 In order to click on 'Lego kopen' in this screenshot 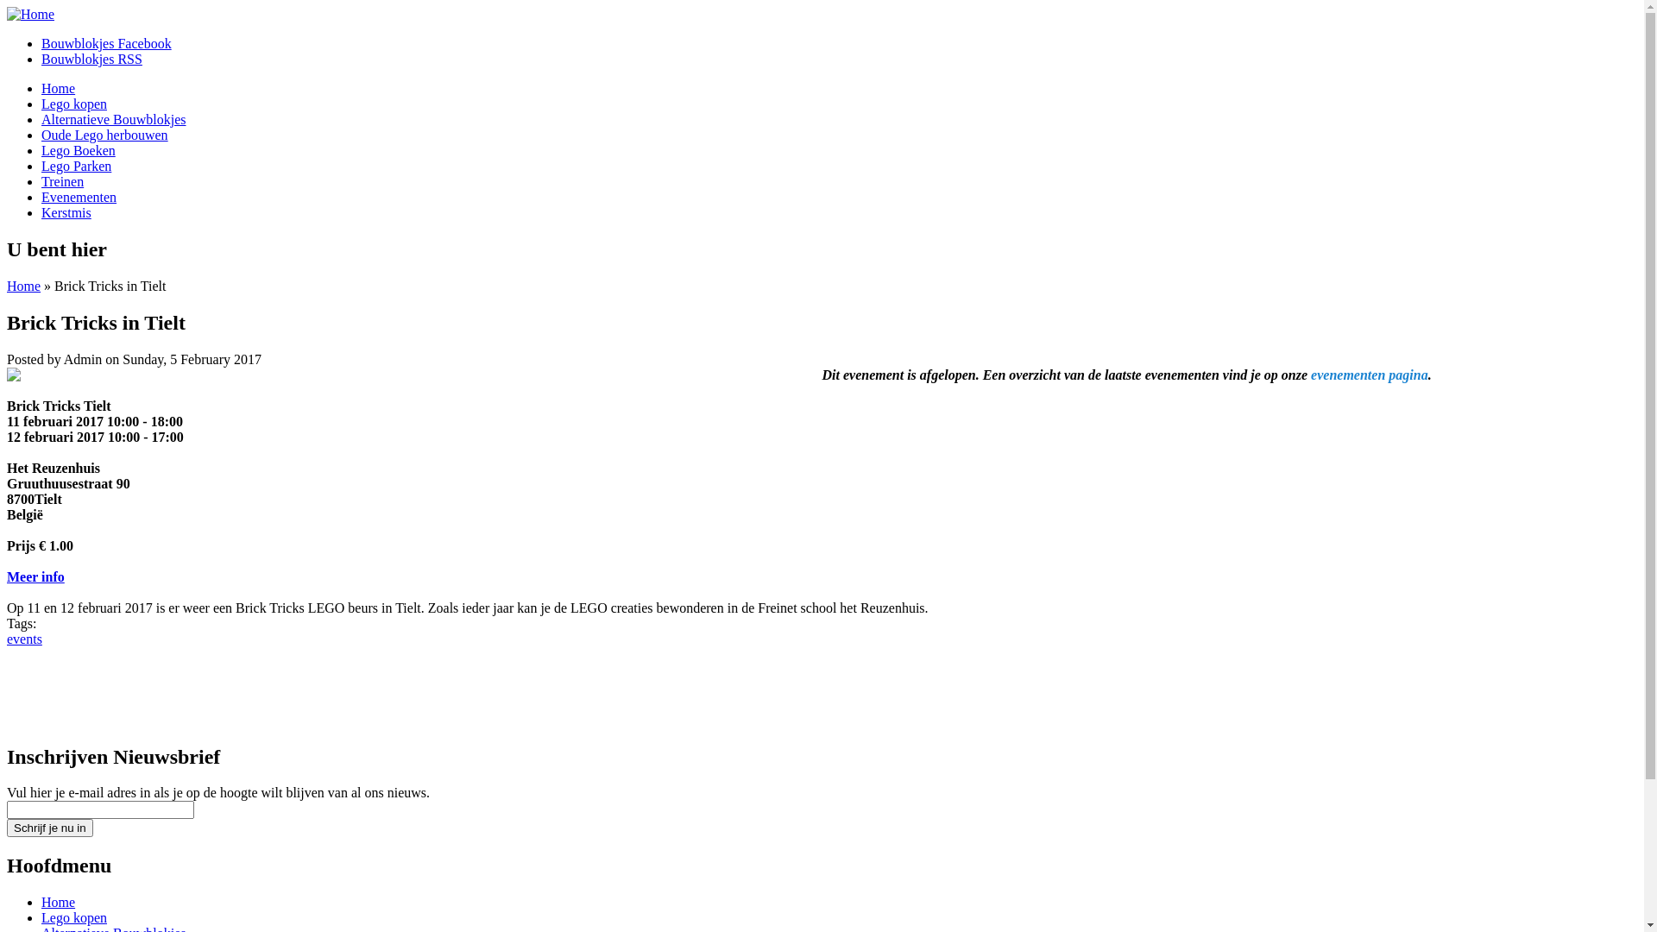, I will do `click(73, 916)`.